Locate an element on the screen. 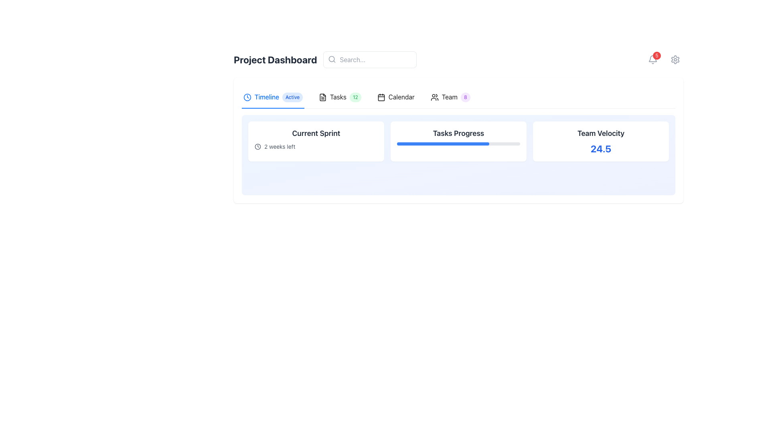  the outer circle of the clock icon, which is styled with a thin stroke outline and is located left of the 'Timeline' tab in the navigation bar is located at coordinates (247, 97).